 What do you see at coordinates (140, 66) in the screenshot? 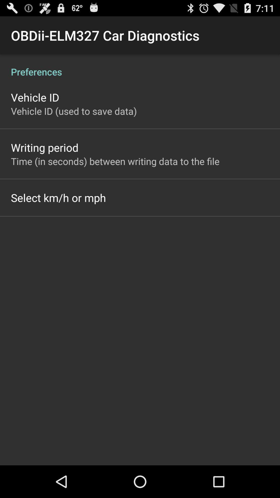
I see `preferences item` at bounding box center [140, 66].